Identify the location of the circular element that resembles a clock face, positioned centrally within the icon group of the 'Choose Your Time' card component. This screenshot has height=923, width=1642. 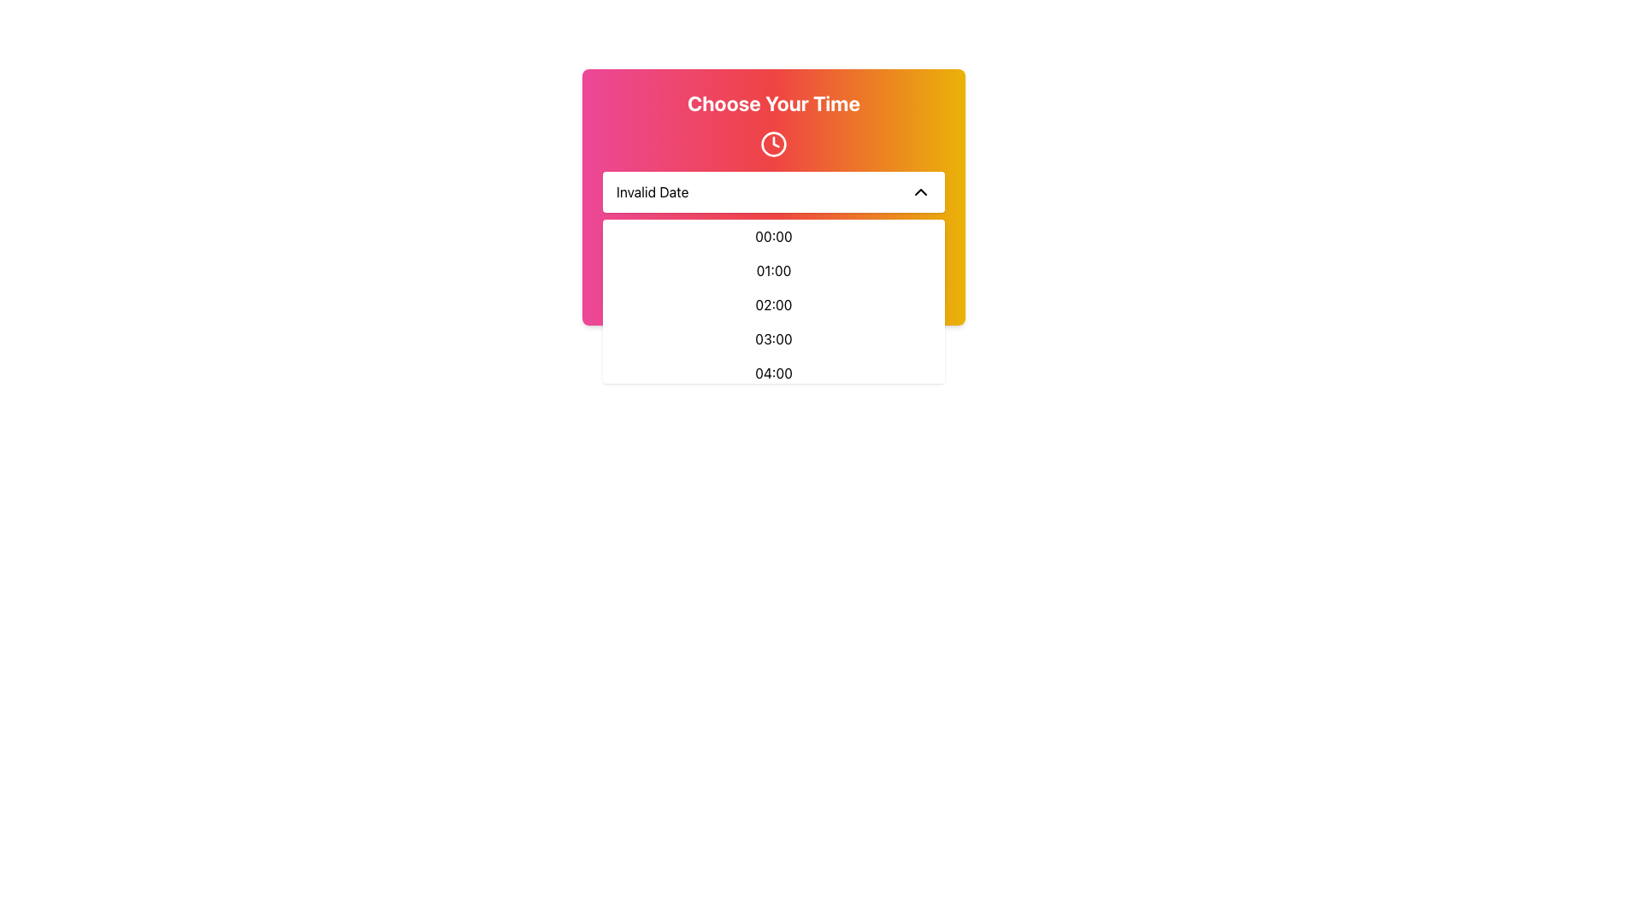
(773, 144).